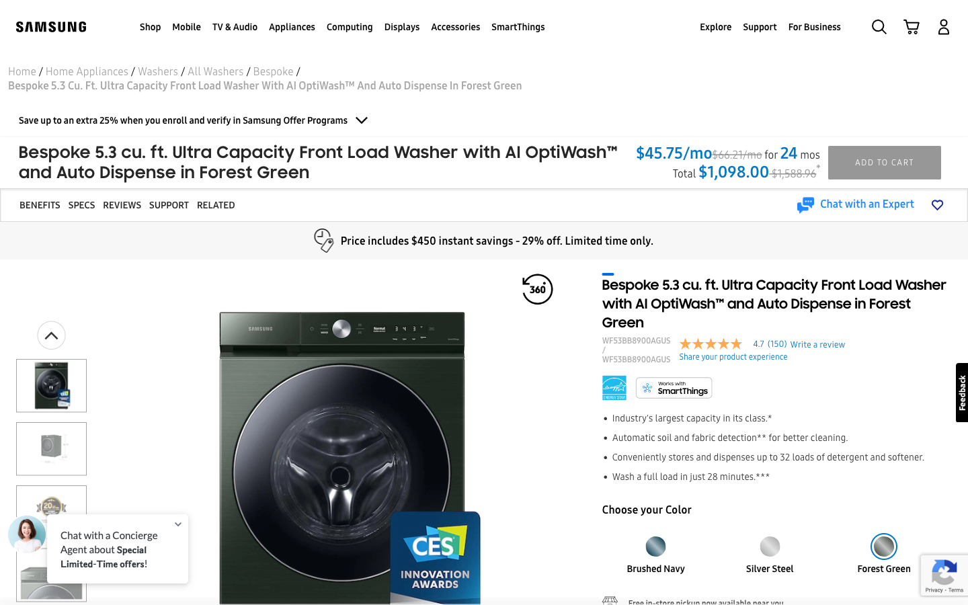 The height and width of the screenshot is (605, 968). Describe the element at coordinates (122, 204) in the screenshot. I see `Look over the evaluations for the laundry machine` at that location.